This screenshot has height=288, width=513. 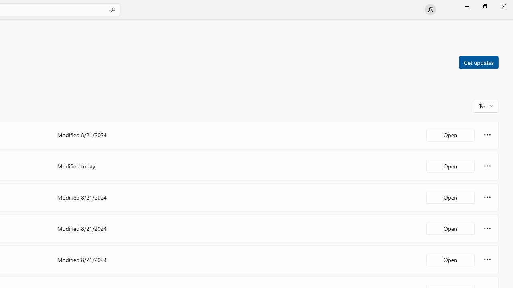 What do you see at coordinates (485, 105) in the screenshot?
I see `'Sort and filter'` at bounding box center [485, 105].